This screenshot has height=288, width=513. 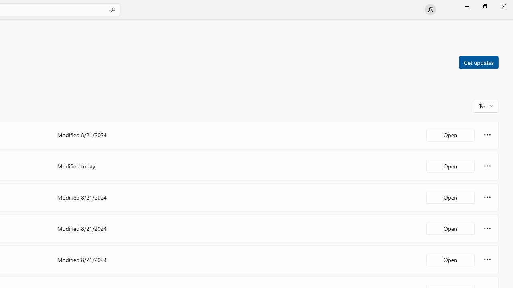 What do you see at coordinates (485, 105) in the screenshot?
I see `'Sort and filter'` at bounding box center [485, 105].